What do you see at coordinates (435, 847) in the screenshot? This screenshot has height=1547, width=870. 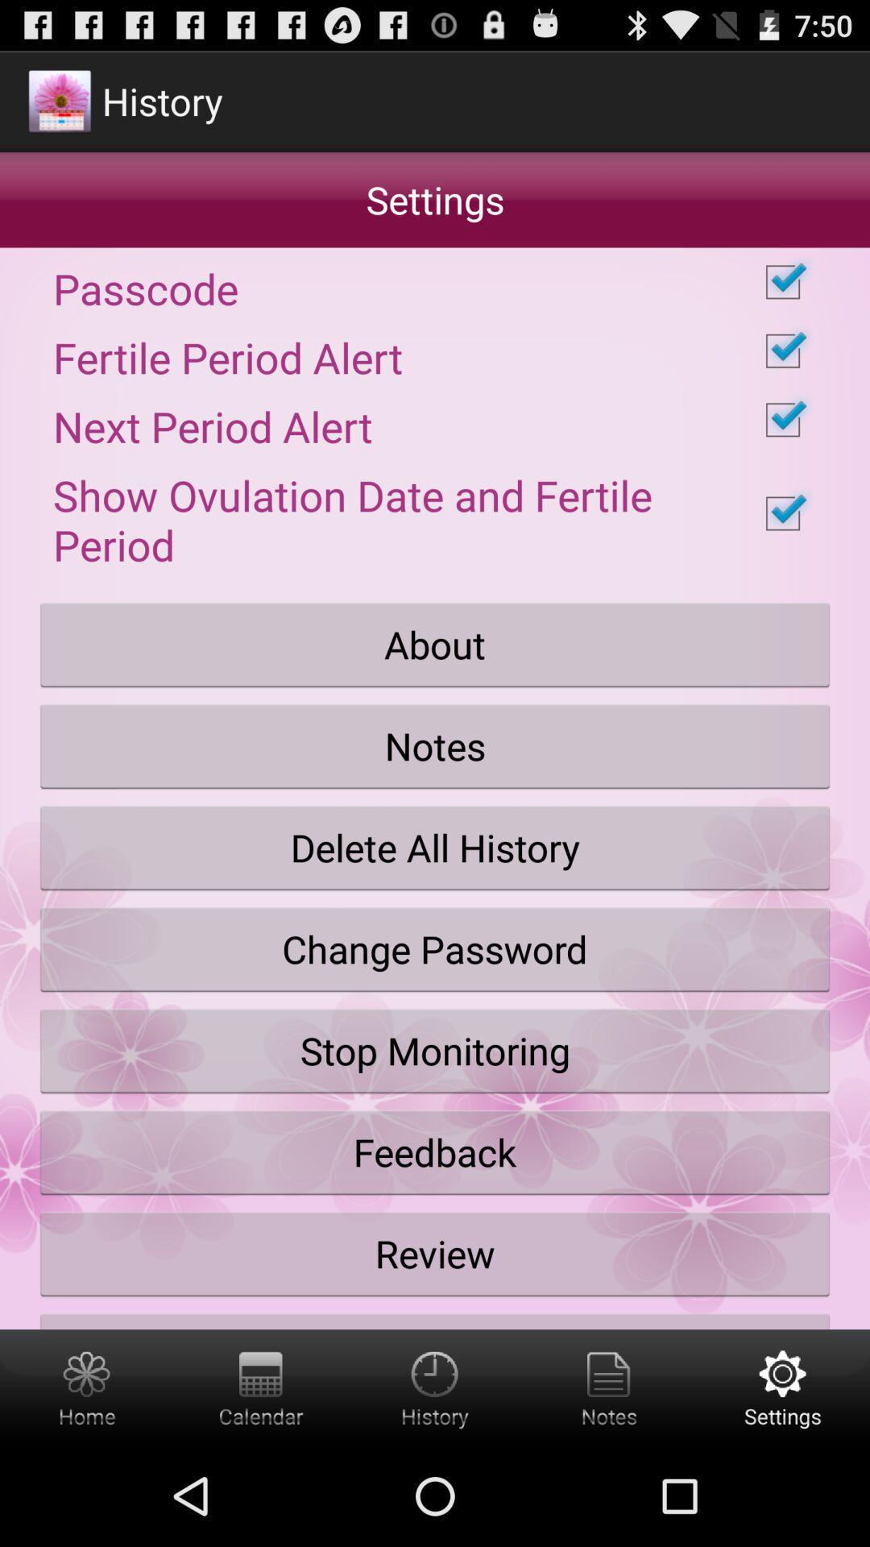 I see `the delete all history` at bounding box center [435, 847].